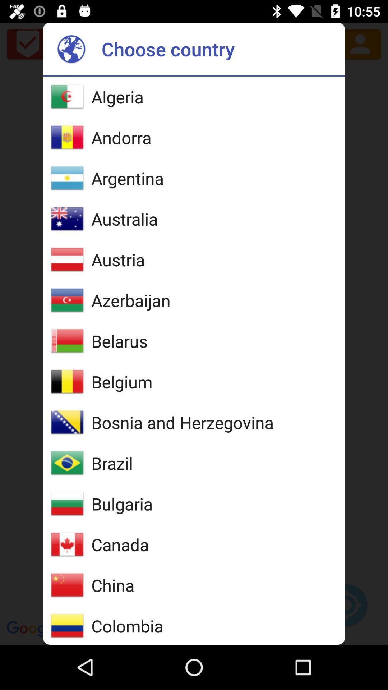 The width and height of the screenshot is (388, 690). What do you see at coordinates (120, 544) in the screenshot?
I see `canada` at bounding box center [120, 544].